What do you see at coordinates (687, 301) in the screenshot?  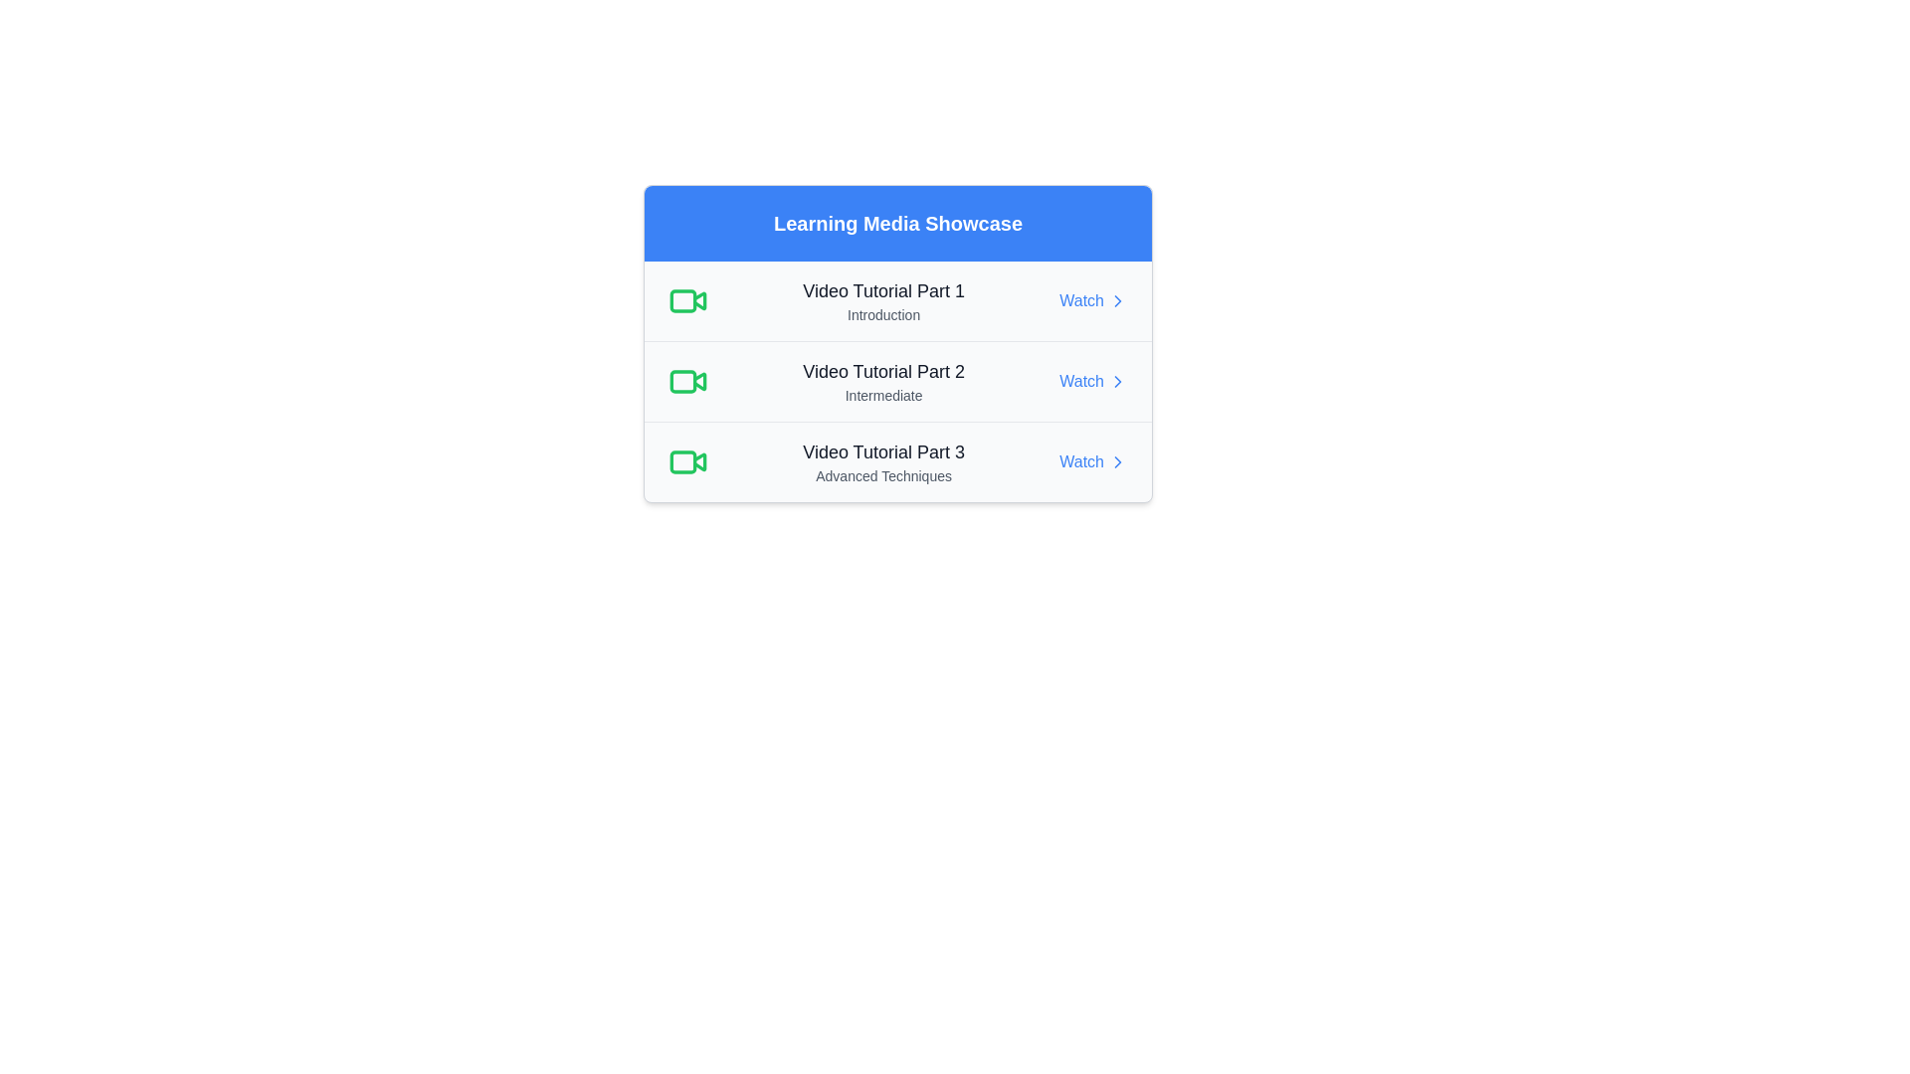 I see `the green video camera icon that is the first item in the 'Learning Media Showcase' section, aligned with the text 'Video Tutorial Part 1' and 'Introduction'` at bounding box center [687, 301].